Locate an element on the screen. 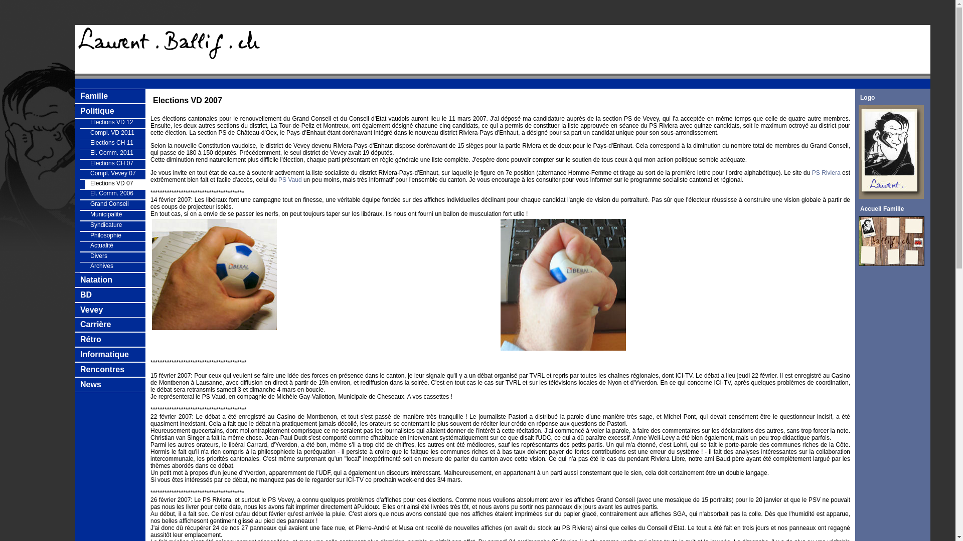 This screenshot has height=541, width=963. 'PS Riviera' is located at coordinates (827, 172).